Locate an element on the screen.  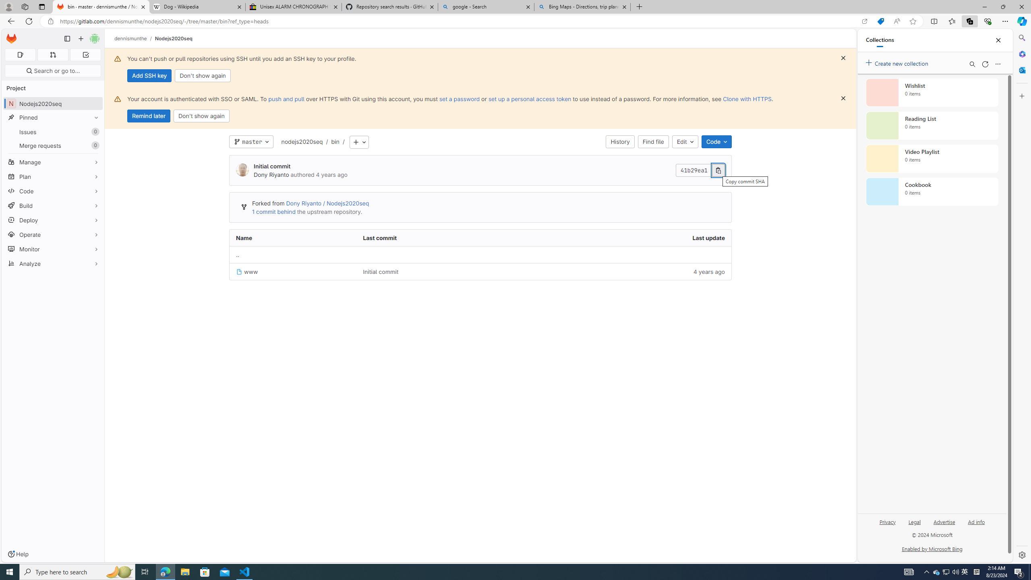
'To-Do list 0' is located at coordinates (85, 54).